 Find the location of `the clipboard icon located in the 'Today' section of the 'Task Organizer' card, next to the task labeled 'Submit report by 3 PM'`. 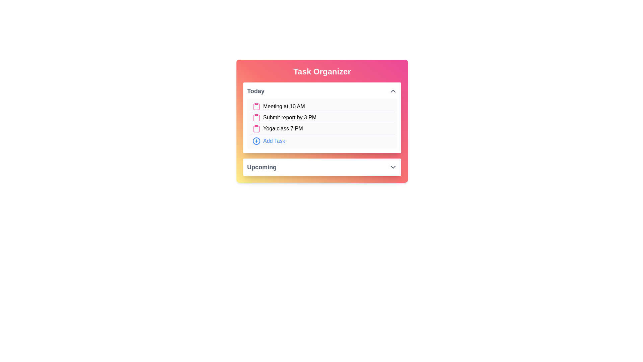

the clipboard icon located in the 'Today' section of the 'Task Organizer' card, next to the task labeled 'Submit report by 3 PM' is located at coordinates (256, 117).